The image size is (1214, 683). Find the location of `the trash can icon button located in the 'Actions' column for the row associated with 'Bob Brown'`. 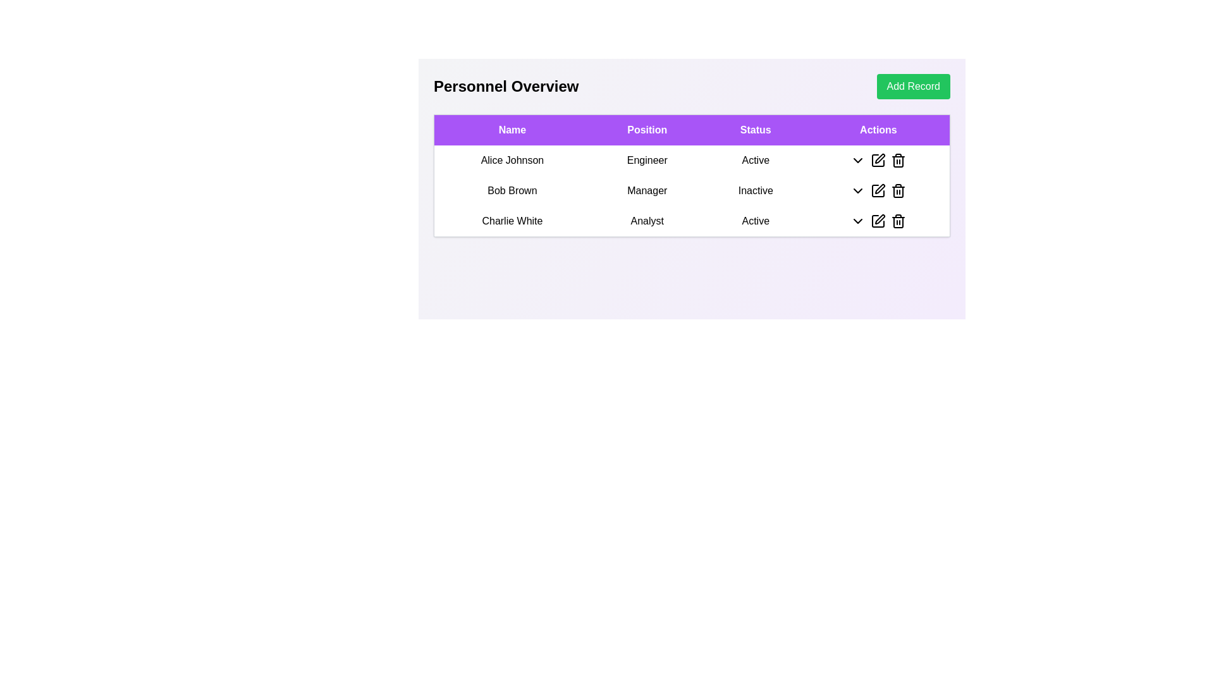

the trash can icon button located in the 'Actions' column for the row associated with 'Bob Brown' is located at coordinates (898, 190).